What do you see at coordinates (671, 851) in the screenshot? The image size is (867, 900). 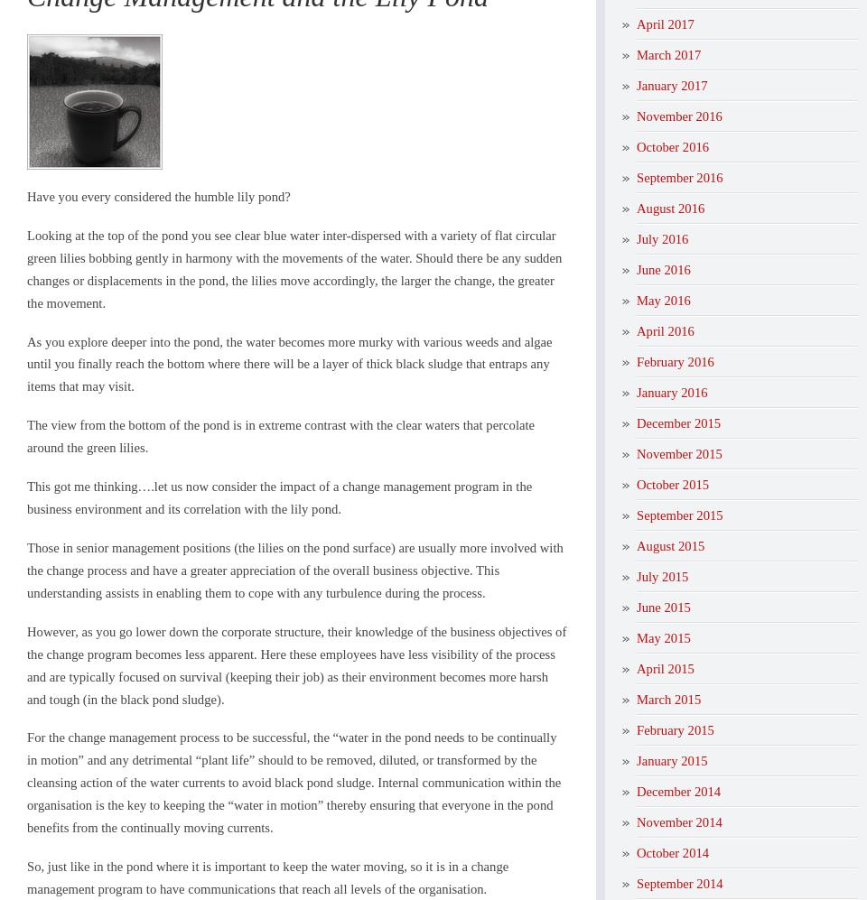 I see `'October 2014'` at bounding box center [671, 851].